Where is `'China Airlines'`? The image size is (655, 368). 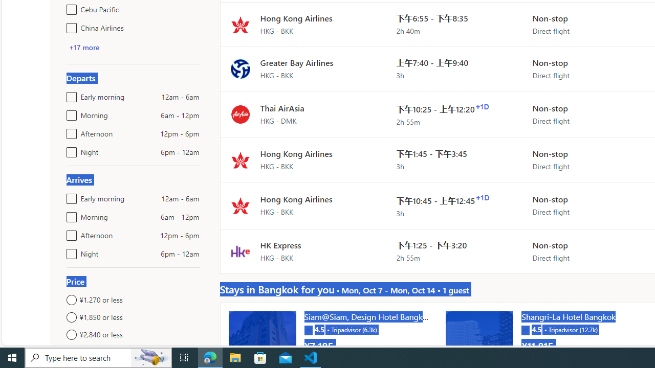
'China Airlines' is located at coordinates (69, 26).